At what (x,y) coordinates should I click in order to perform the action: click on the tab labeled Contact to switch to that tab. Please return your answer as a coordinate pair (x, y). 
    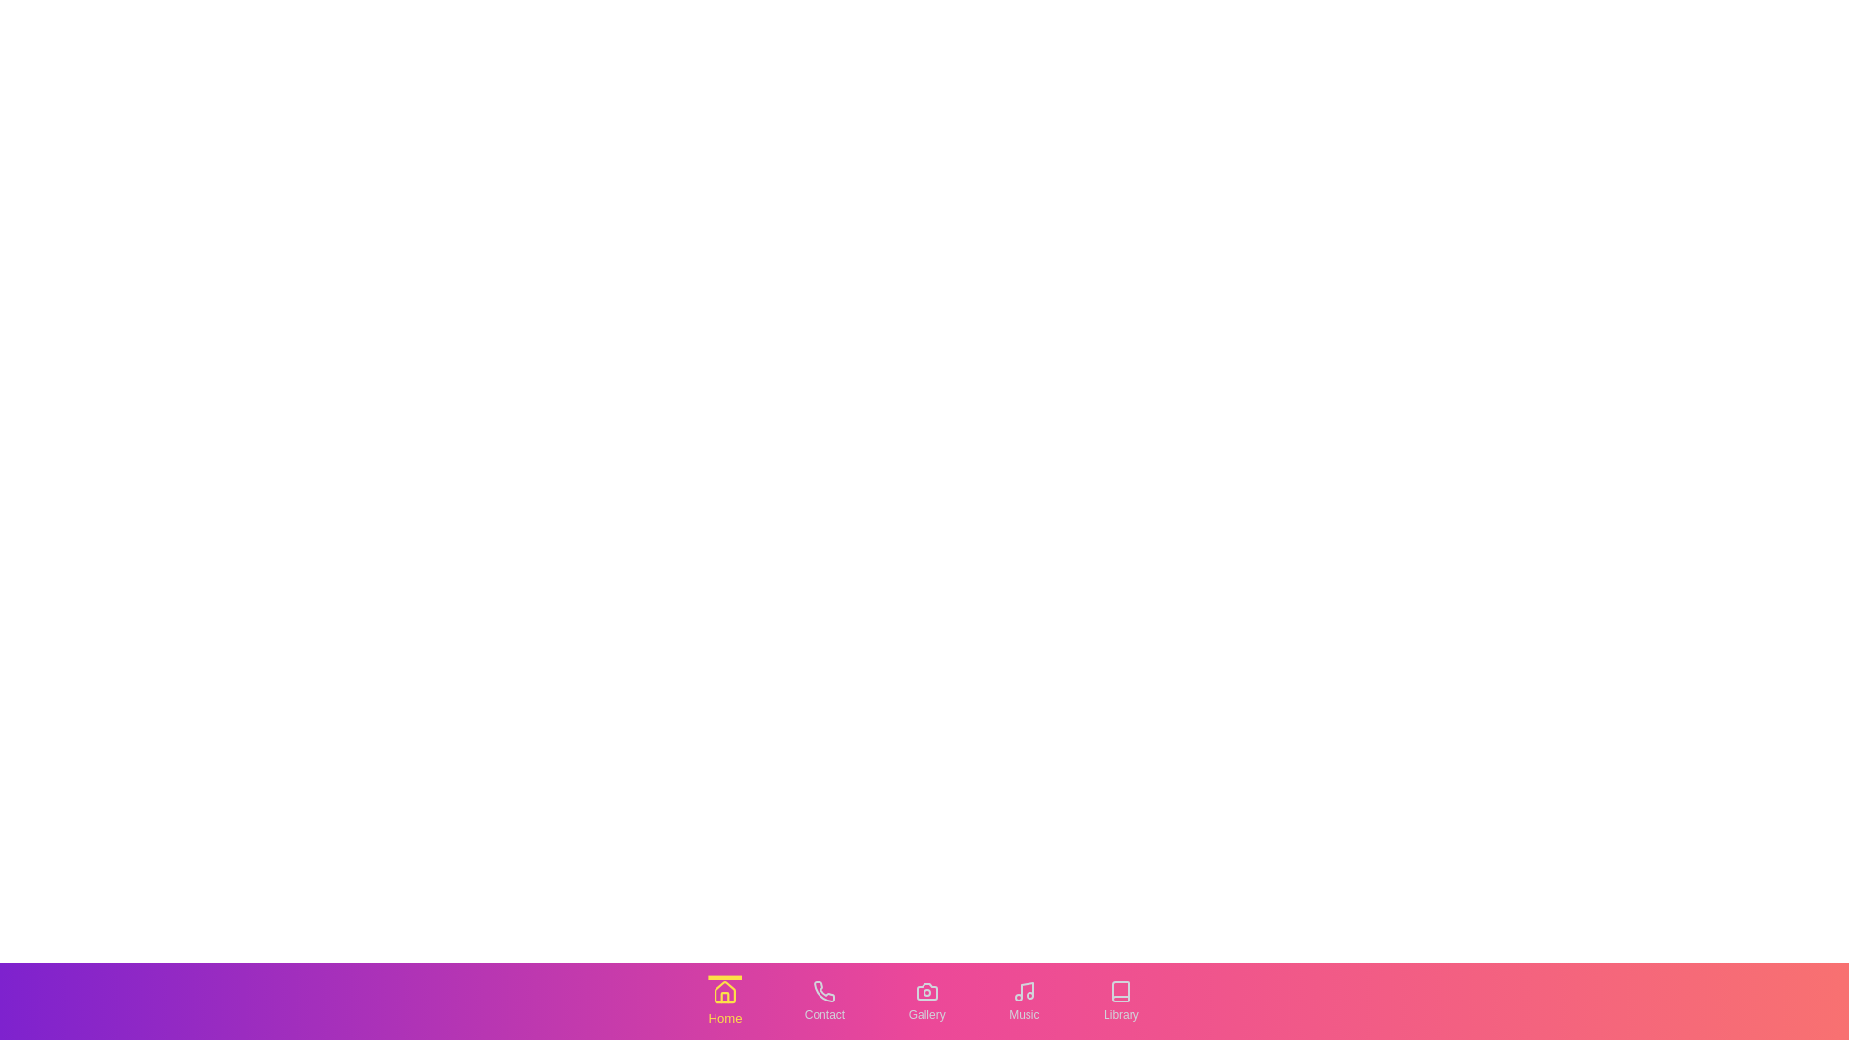
    Looking at the image, I should click on (824, 1001).